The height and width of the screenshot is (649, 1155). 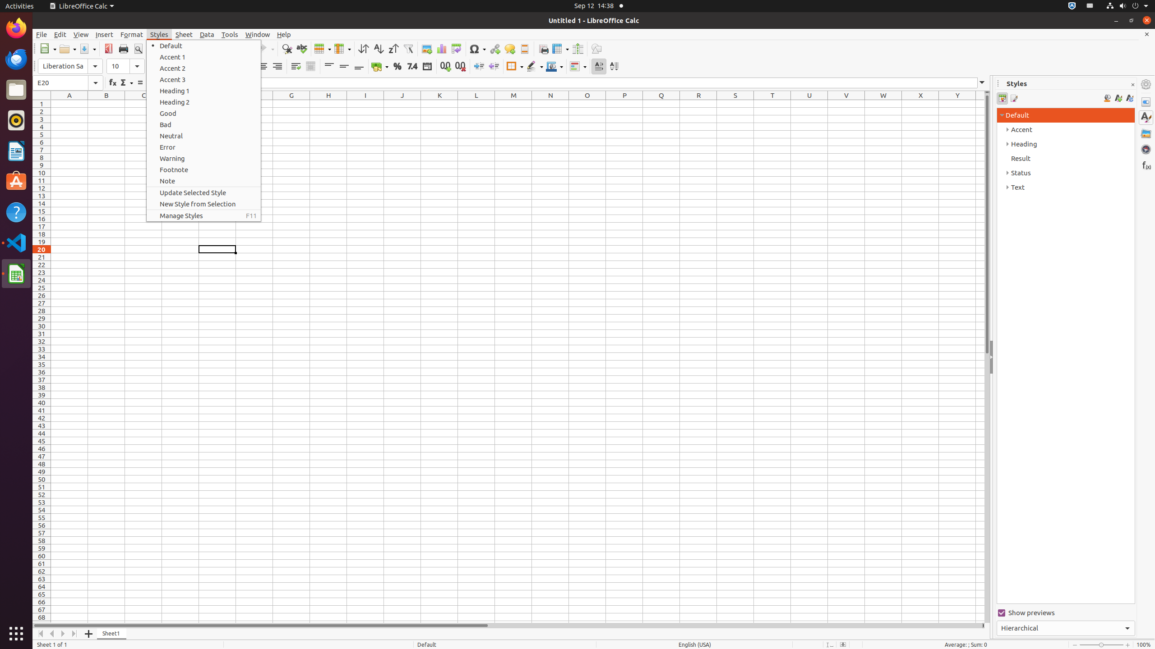 I want to click on 'Chart', so click(x=441, y=48).